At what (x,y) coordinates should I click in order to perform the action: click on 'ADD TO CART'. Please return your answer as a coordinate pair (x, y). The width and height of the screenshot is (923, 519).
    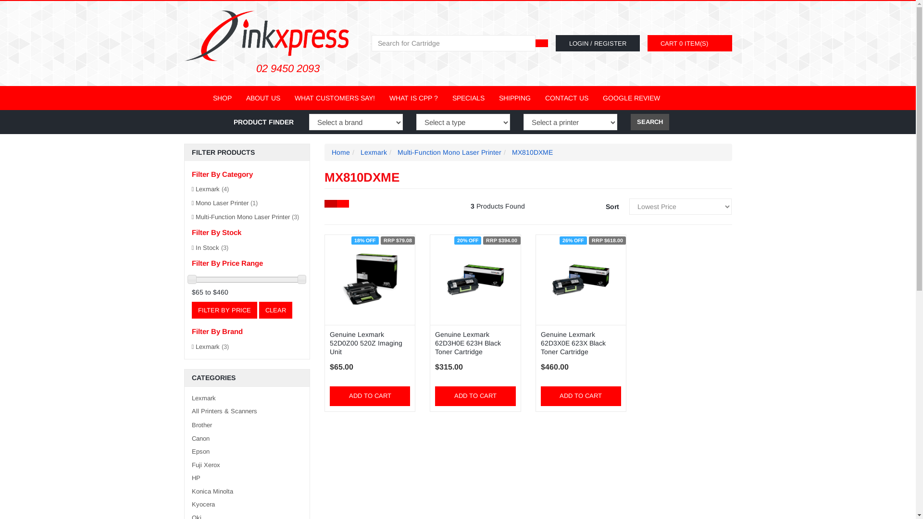
    Looking at the image, I should click on (369, 396).